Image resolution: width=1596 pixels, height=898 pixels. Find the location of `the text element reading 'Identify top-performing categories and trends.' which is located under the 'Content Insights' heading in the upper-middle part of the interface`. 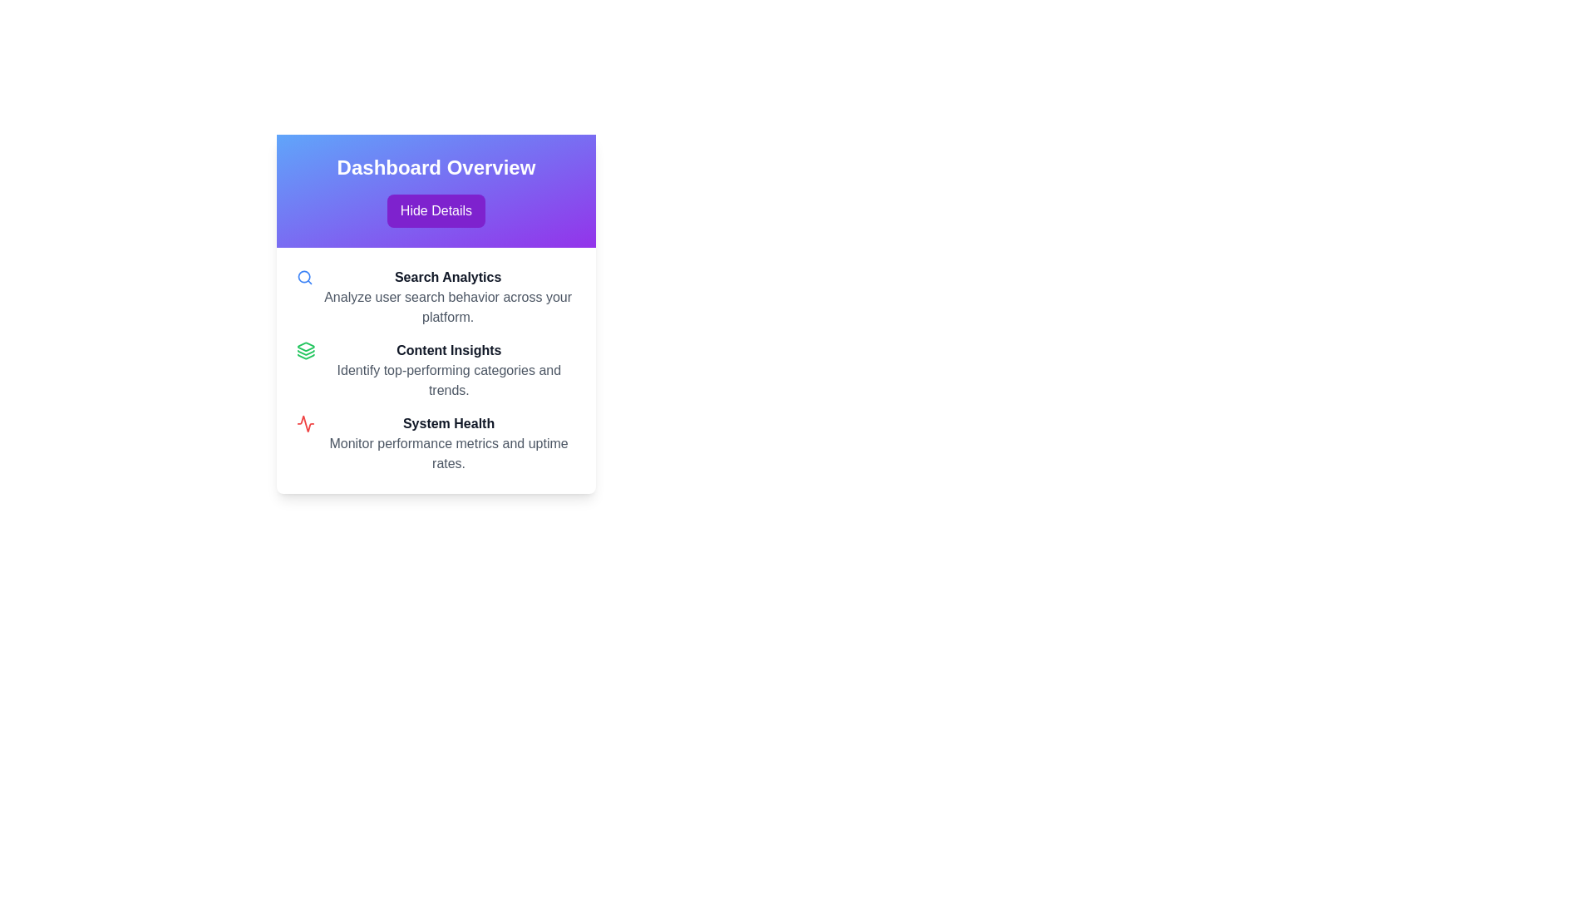

the text element reading 'Identify top-performing categories and trends.' which is located under the 'Content Insights' heading in the upper-middle part of the interface is located at coordinates (449, 381).